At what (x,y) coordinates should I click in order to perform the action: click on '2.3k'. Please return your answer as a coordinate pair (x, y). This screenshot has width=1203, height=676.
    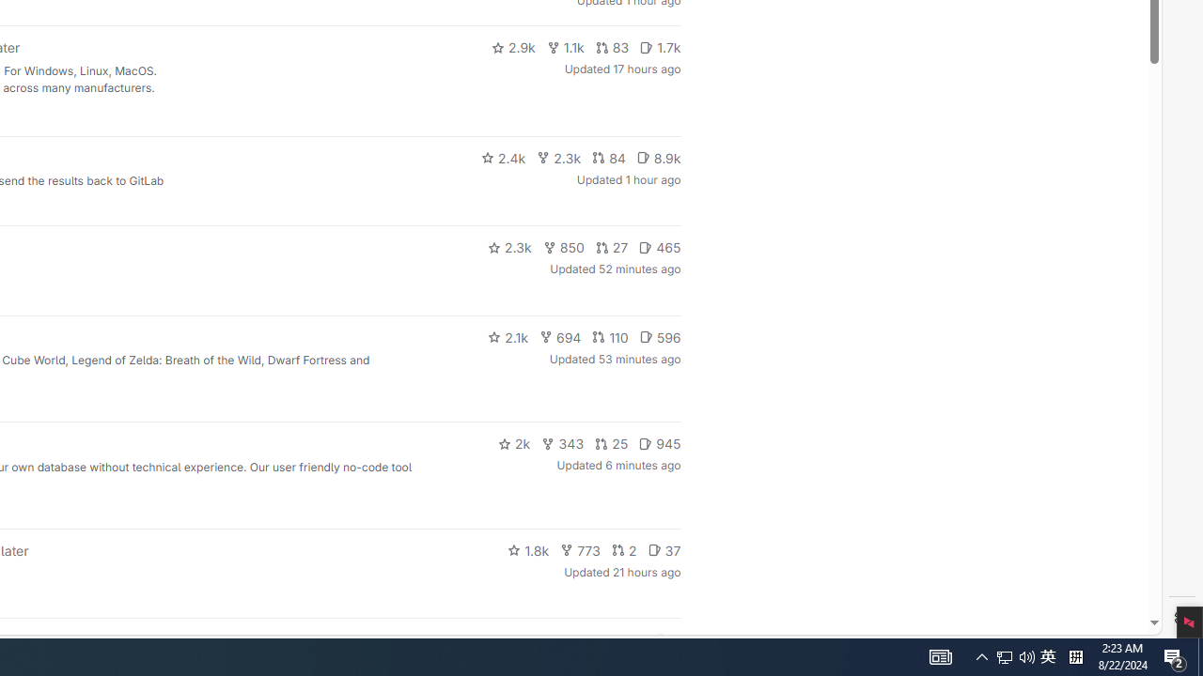
    Looking at the image, I should click on (509, 246).